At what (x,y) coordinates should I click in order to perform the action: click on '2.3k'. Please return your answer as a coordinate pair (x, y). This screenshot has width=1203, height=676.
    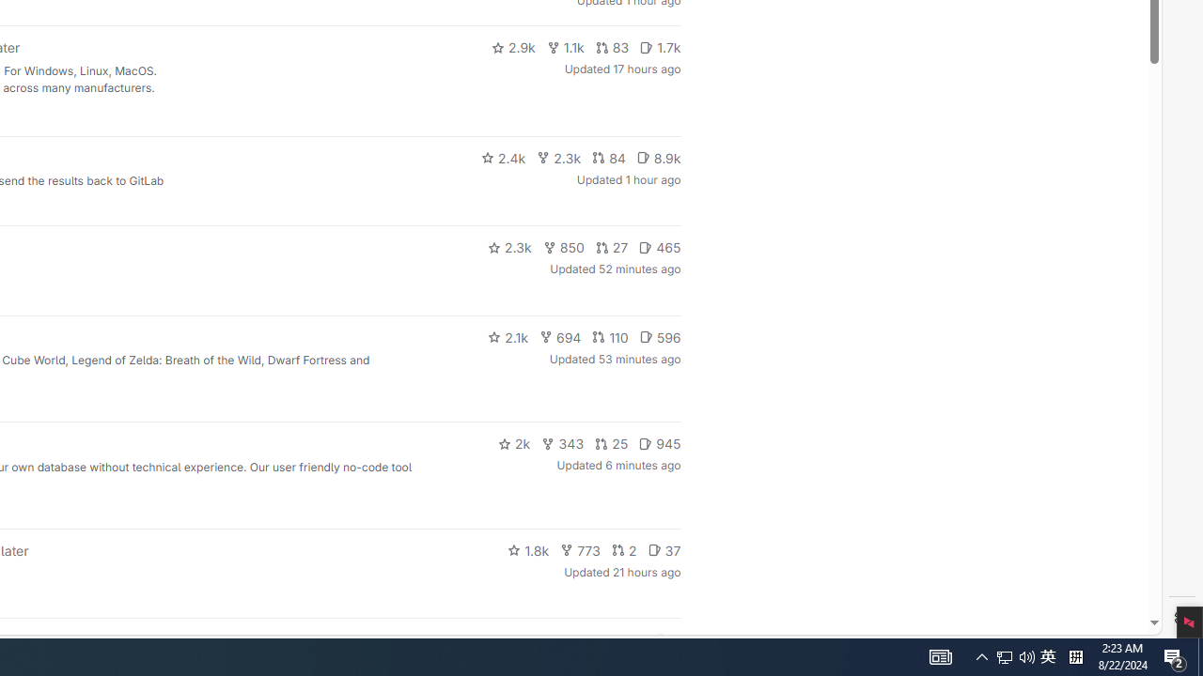
    Looking at the image, I should click on (509, 246).